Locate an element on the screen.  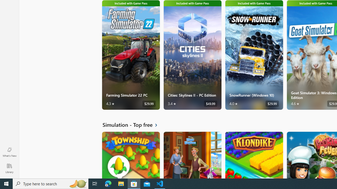
'Township. Average rating of 4.5 out of five stars. Free  ' is located at coordinates (131, 155).